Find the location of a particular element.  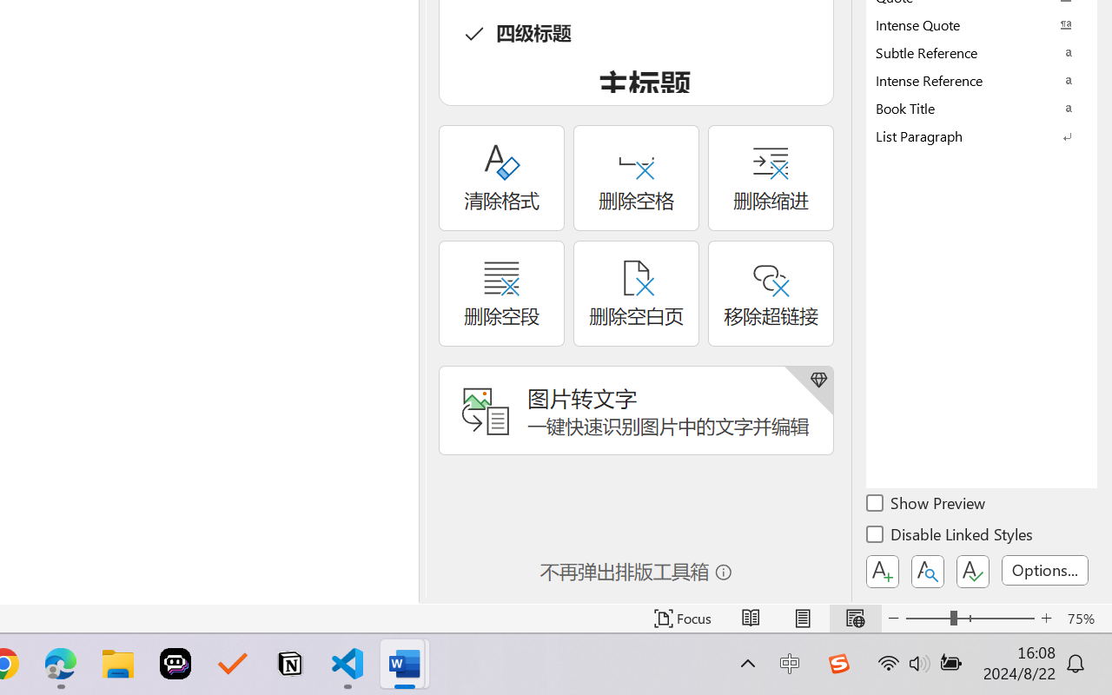

'Web Layout' is located at coordinates (855, 618).